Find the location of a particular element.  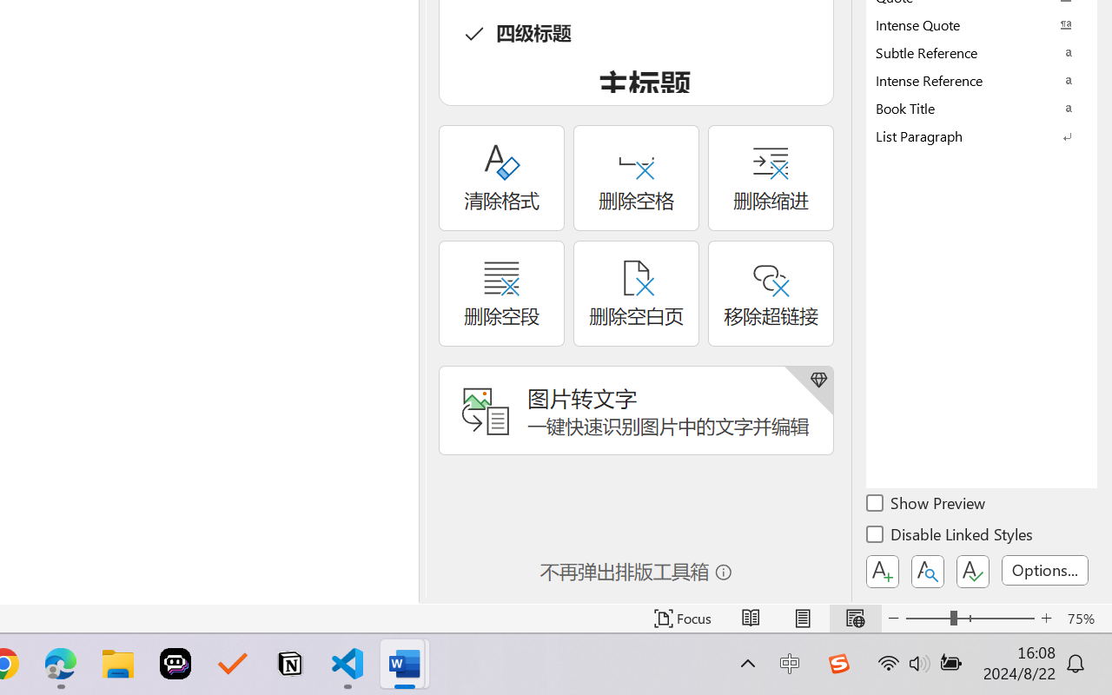

'Web Layout' is located at coordinates (855, 618).